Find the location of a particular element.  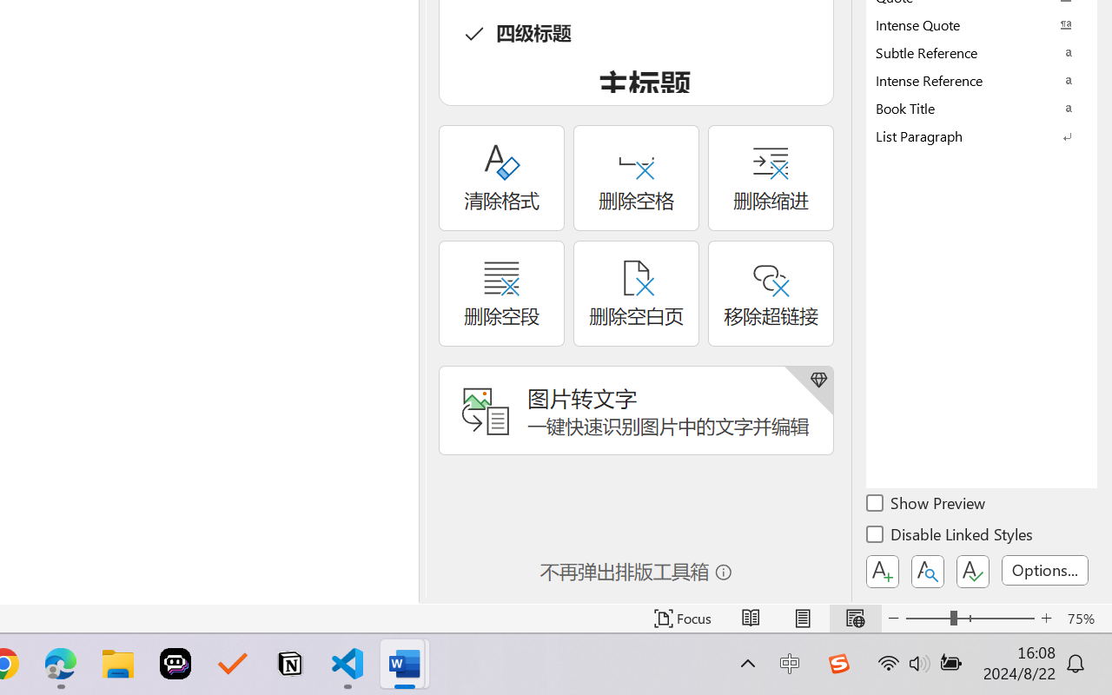

'Web Layout' is located at coordinates (855, 618).